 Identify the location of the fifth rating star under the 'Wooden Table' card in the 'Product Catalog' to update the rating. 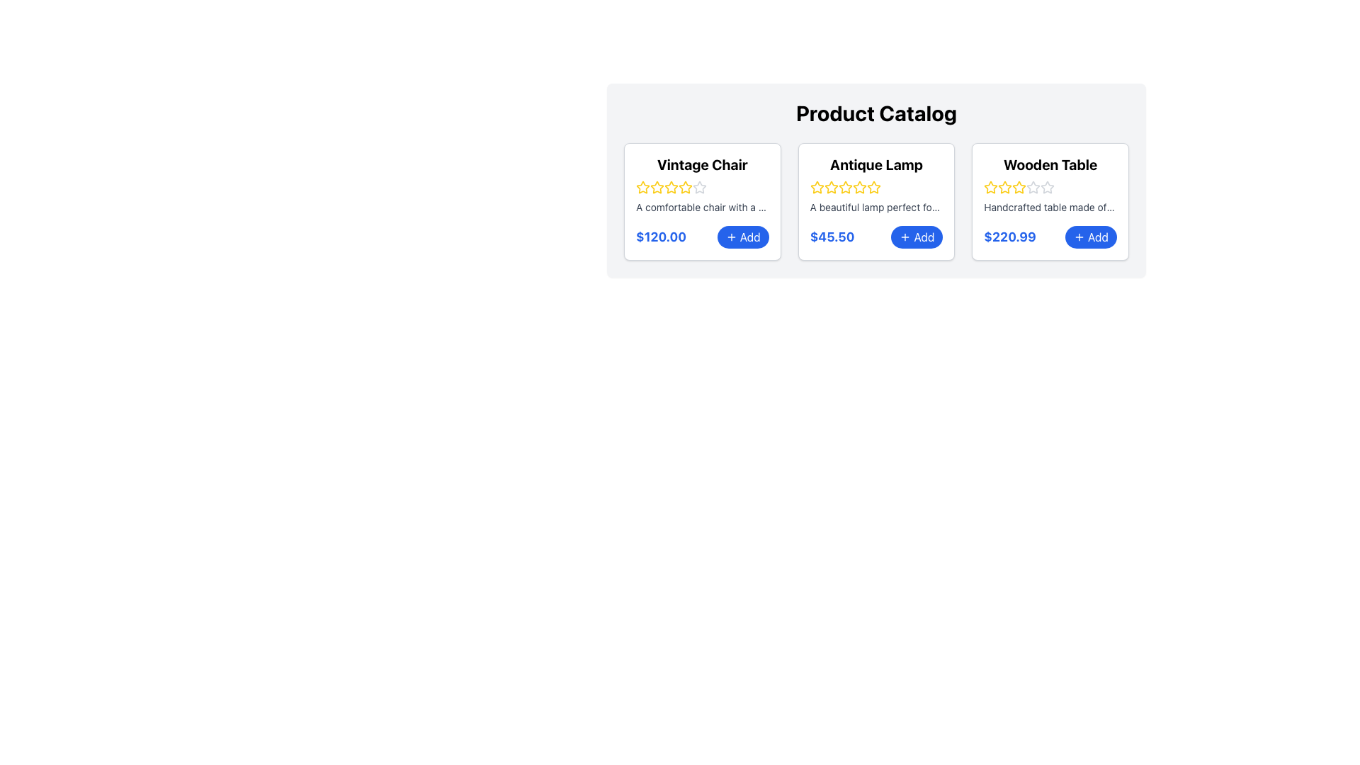
(1048, 187).